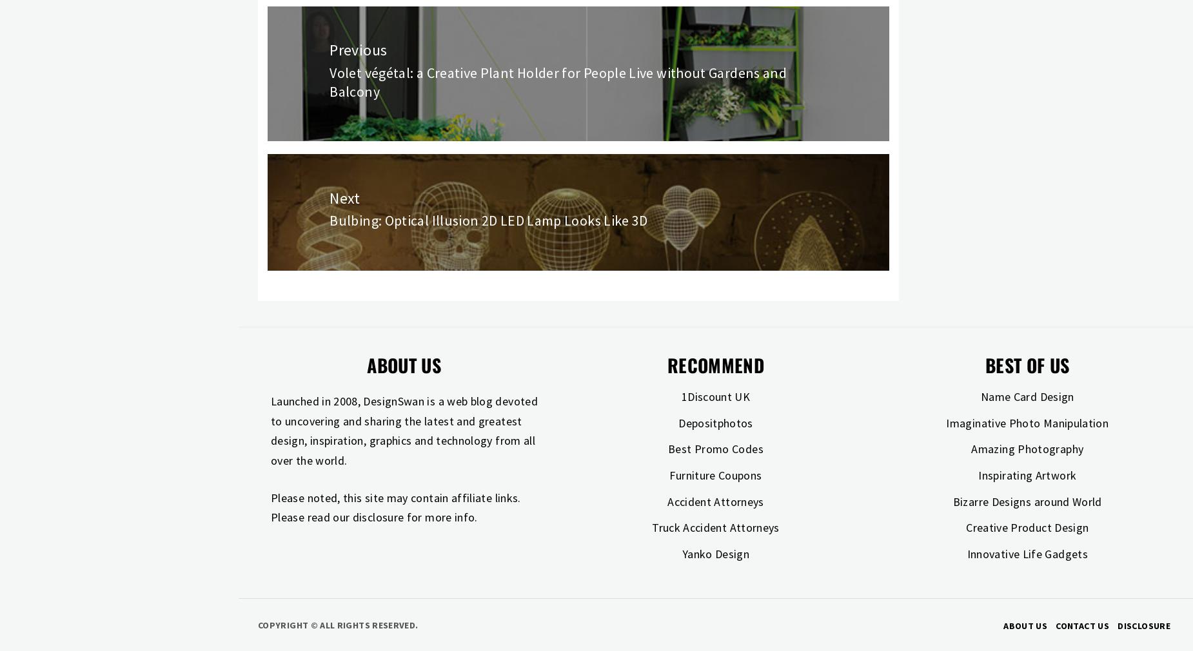 The width and height of the screenshot is (1193, 651). What do you see at coordinates (715, 527) in the screenshot?
I see `'Truck Accident Attorneys'` at bounding box center [715, 527].